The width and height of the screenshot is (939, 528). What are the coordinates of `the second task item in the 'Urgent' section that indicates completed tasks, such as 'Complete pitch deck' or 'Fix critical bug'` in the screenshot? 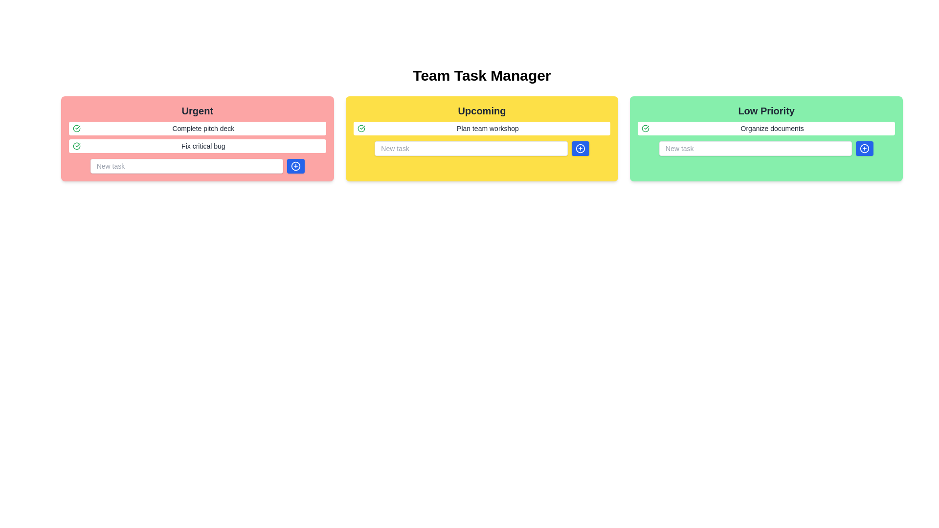 It's located at (197, 137).